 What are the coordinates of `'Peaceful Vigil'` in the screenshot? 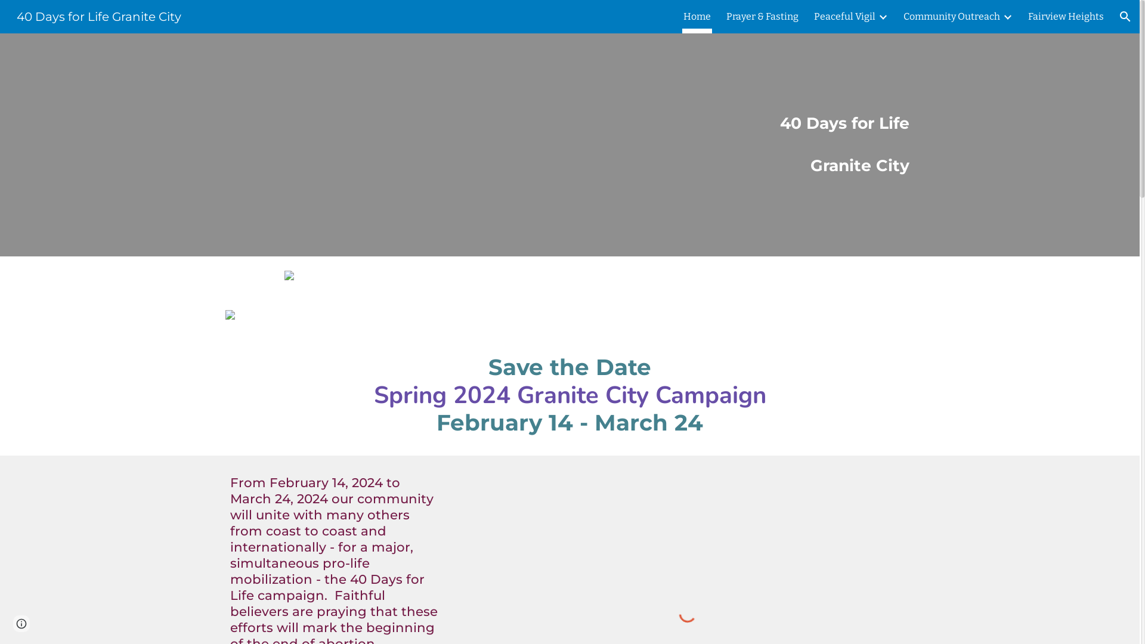 It's located at (813, 16).